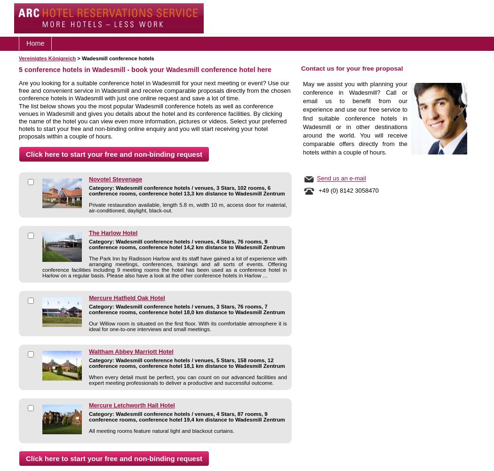 This screenshot has width=494, height=471. I want to click on 'Vereinigtes Königreich', so click(47, 58).